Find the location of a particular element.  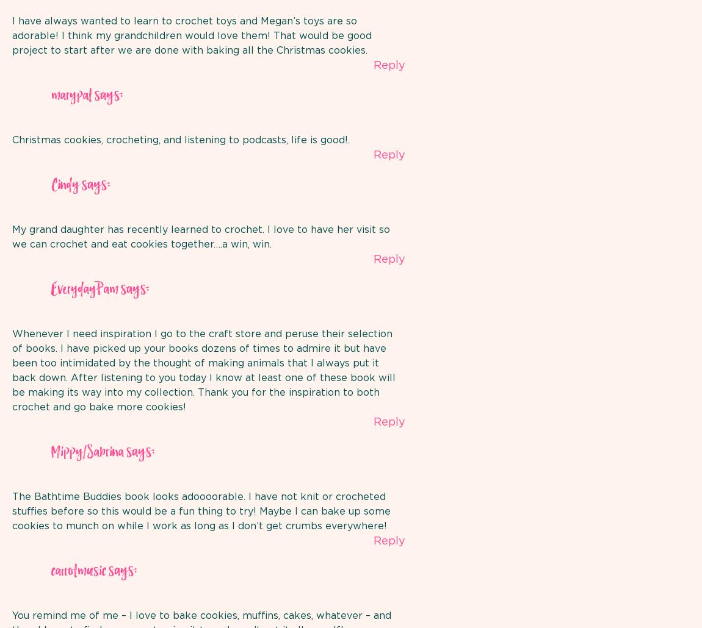

'Cindy' is located at coordinates (64, 184).